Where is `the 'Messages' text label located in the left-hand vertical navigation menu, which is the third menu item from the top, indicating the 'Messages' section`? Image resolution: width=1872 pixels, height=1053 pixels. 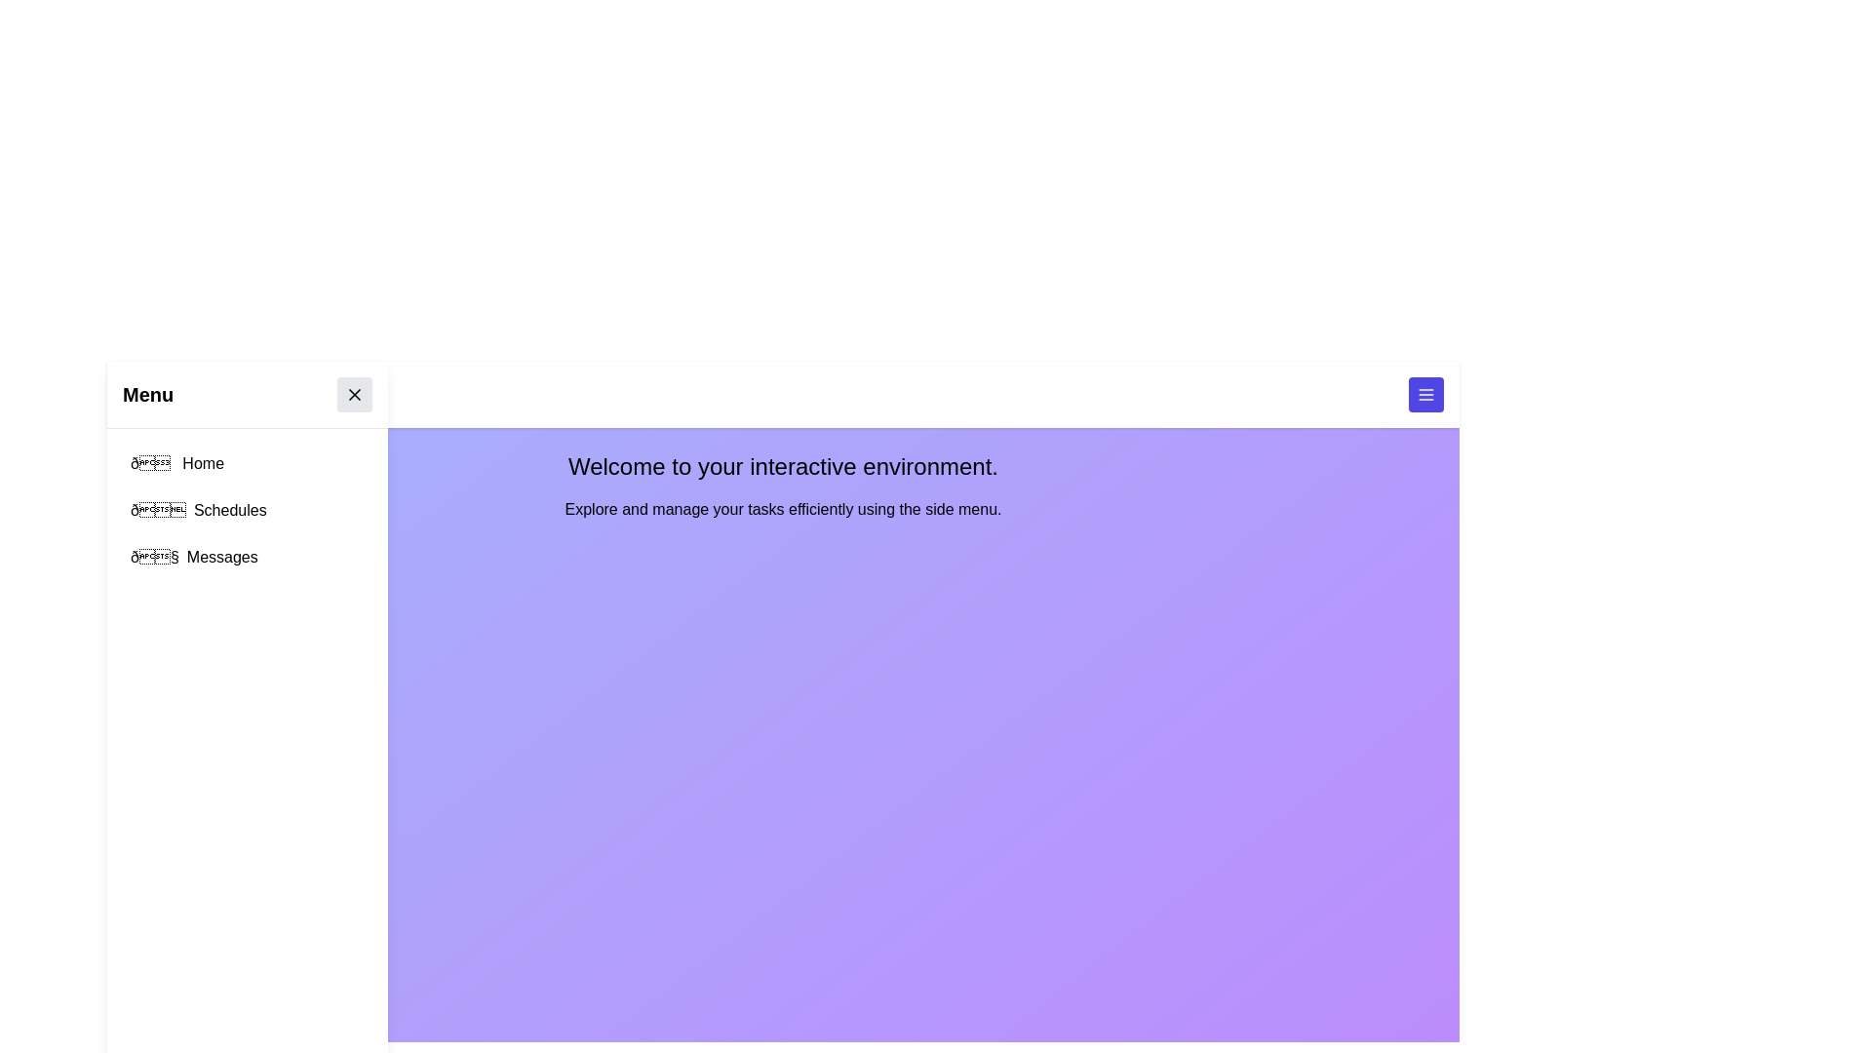 the 'Messages' text label located in the left-hand vertical navigation menu, which is the third menu item from the top, indicating the 'Messages' section is located at coordinates (222, 557).